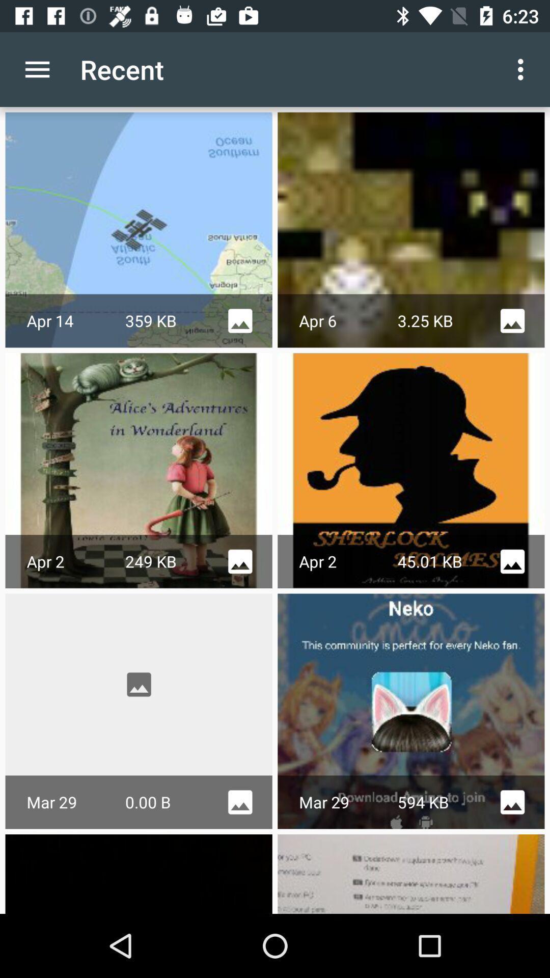 The width and height of the screenshot is (550, 978). What do you see at coordinates (37, 69) in the screenshot?
I see `the app to the left of the recent item` at bounding box center [37, 69].